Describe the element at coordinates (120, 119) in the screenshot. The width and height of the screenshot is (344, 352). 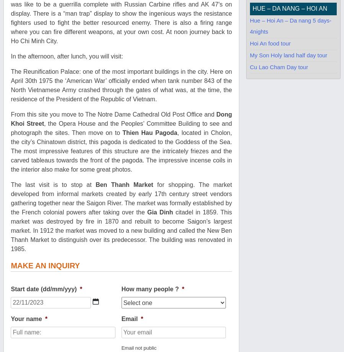
I see `'Dong Khoi Street'` at that location.